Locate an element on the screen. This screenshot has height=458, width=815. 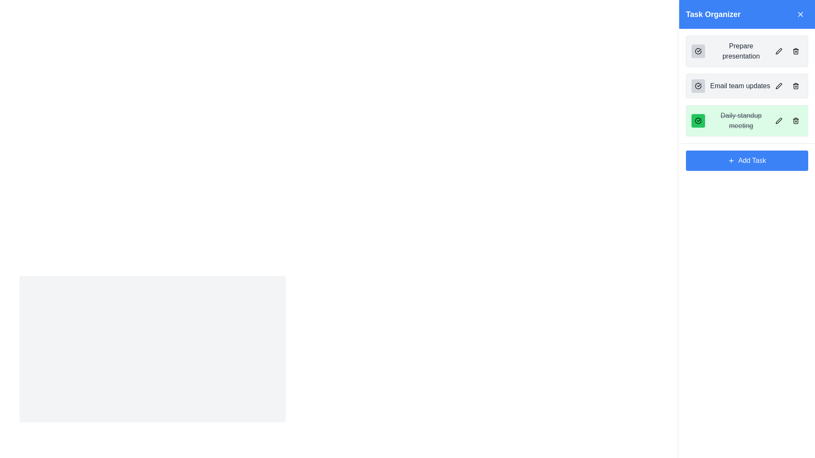
the completion icon located in the first task row titled 'Prepare presentation' in the task organizer panel is located at coordinates (698, 51).